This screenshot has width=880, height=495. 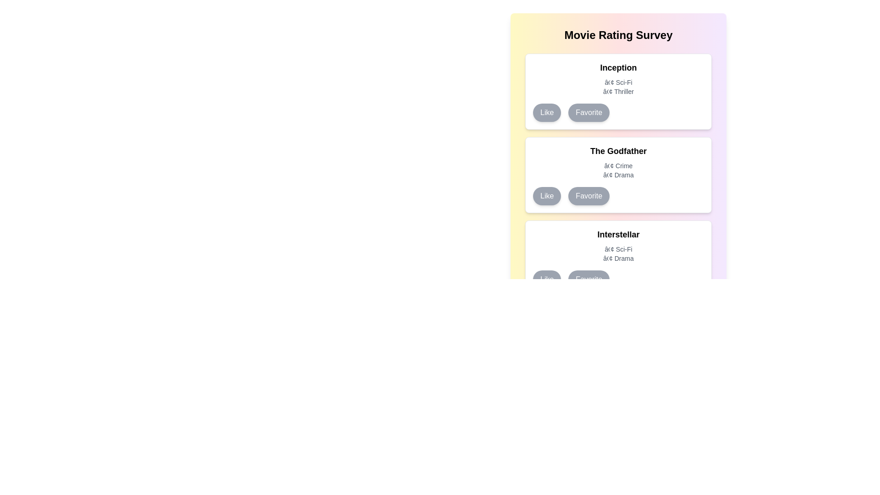 I want to click on the leftmost button below the movie 'Interstellar' to register a 'Like' for the movie, so click(x=547, y=279).